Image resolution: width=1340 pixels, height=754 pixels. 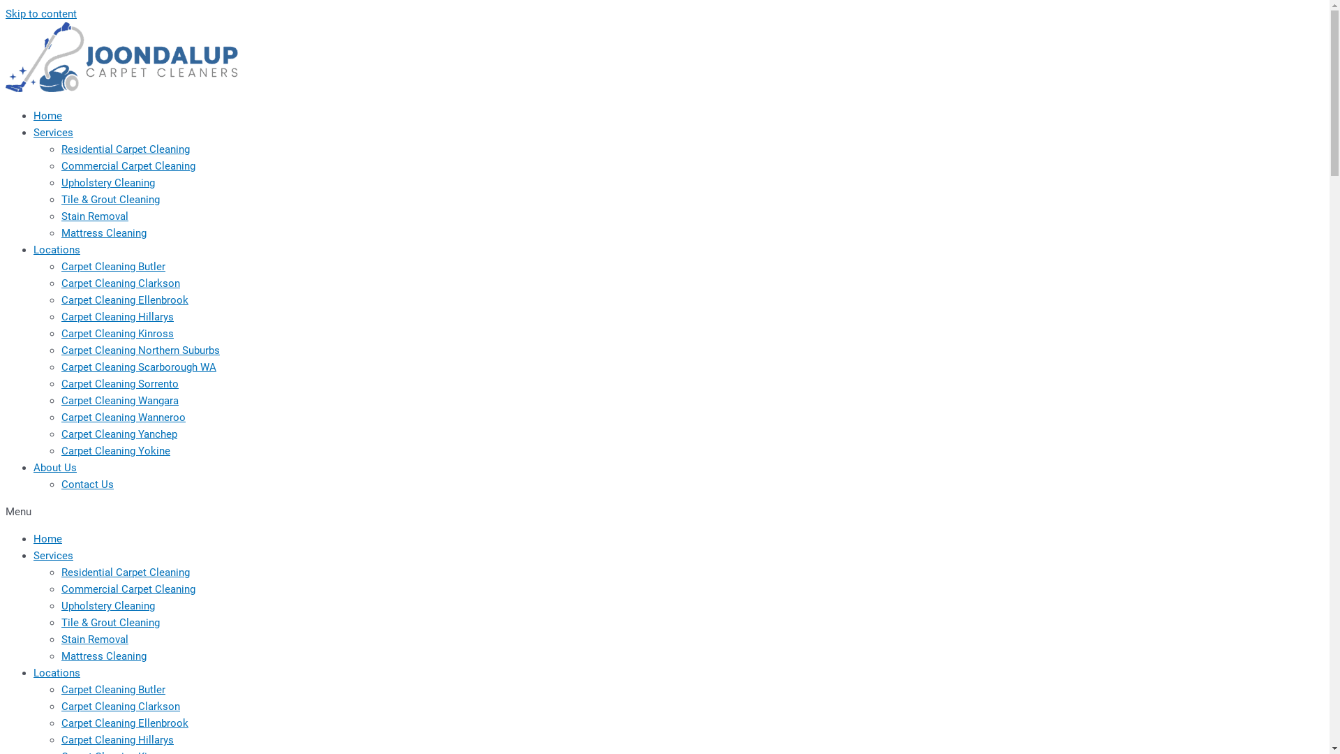 What do you see at coordinates (60, 656) in the screenshot?
I see `'Mattress Cleaning'` at bounding box center [60, 656].